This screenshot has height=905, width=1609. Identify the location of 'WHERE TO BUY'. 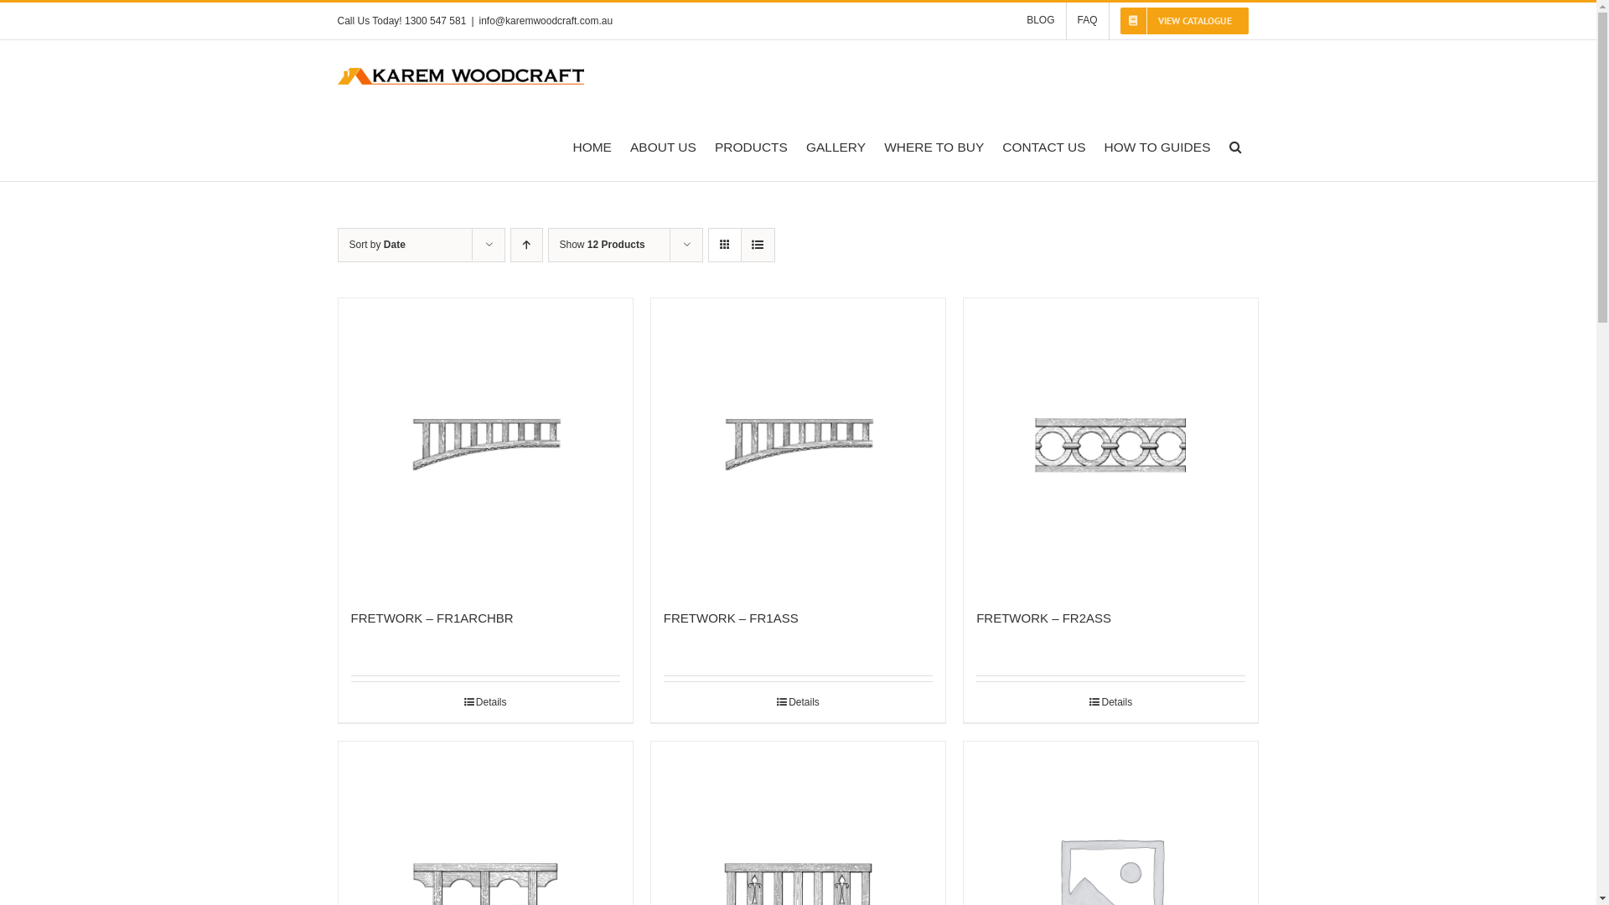
(883, 144).